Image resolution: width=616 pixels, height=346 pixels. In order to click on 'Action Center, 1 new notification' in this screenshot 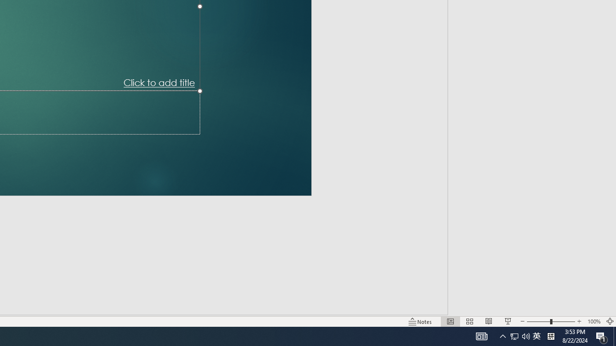, I will do `click(602, 335)`.